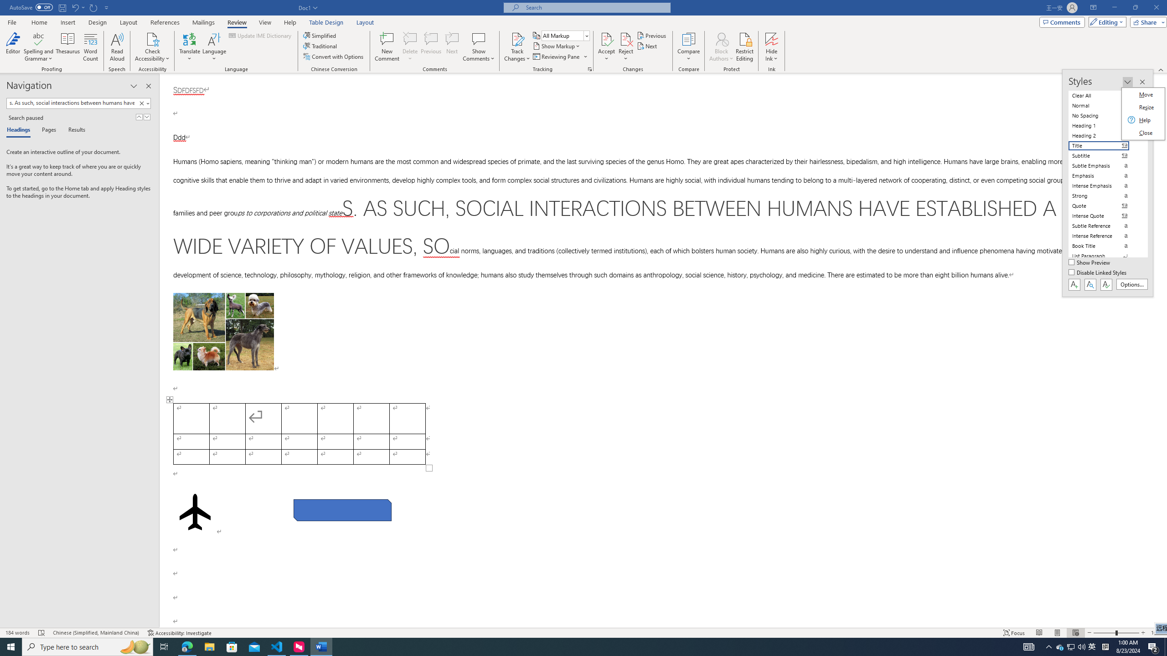  Describe the element at coordinates (648, 45) in the screenshot. I see `'Next'` at that location.